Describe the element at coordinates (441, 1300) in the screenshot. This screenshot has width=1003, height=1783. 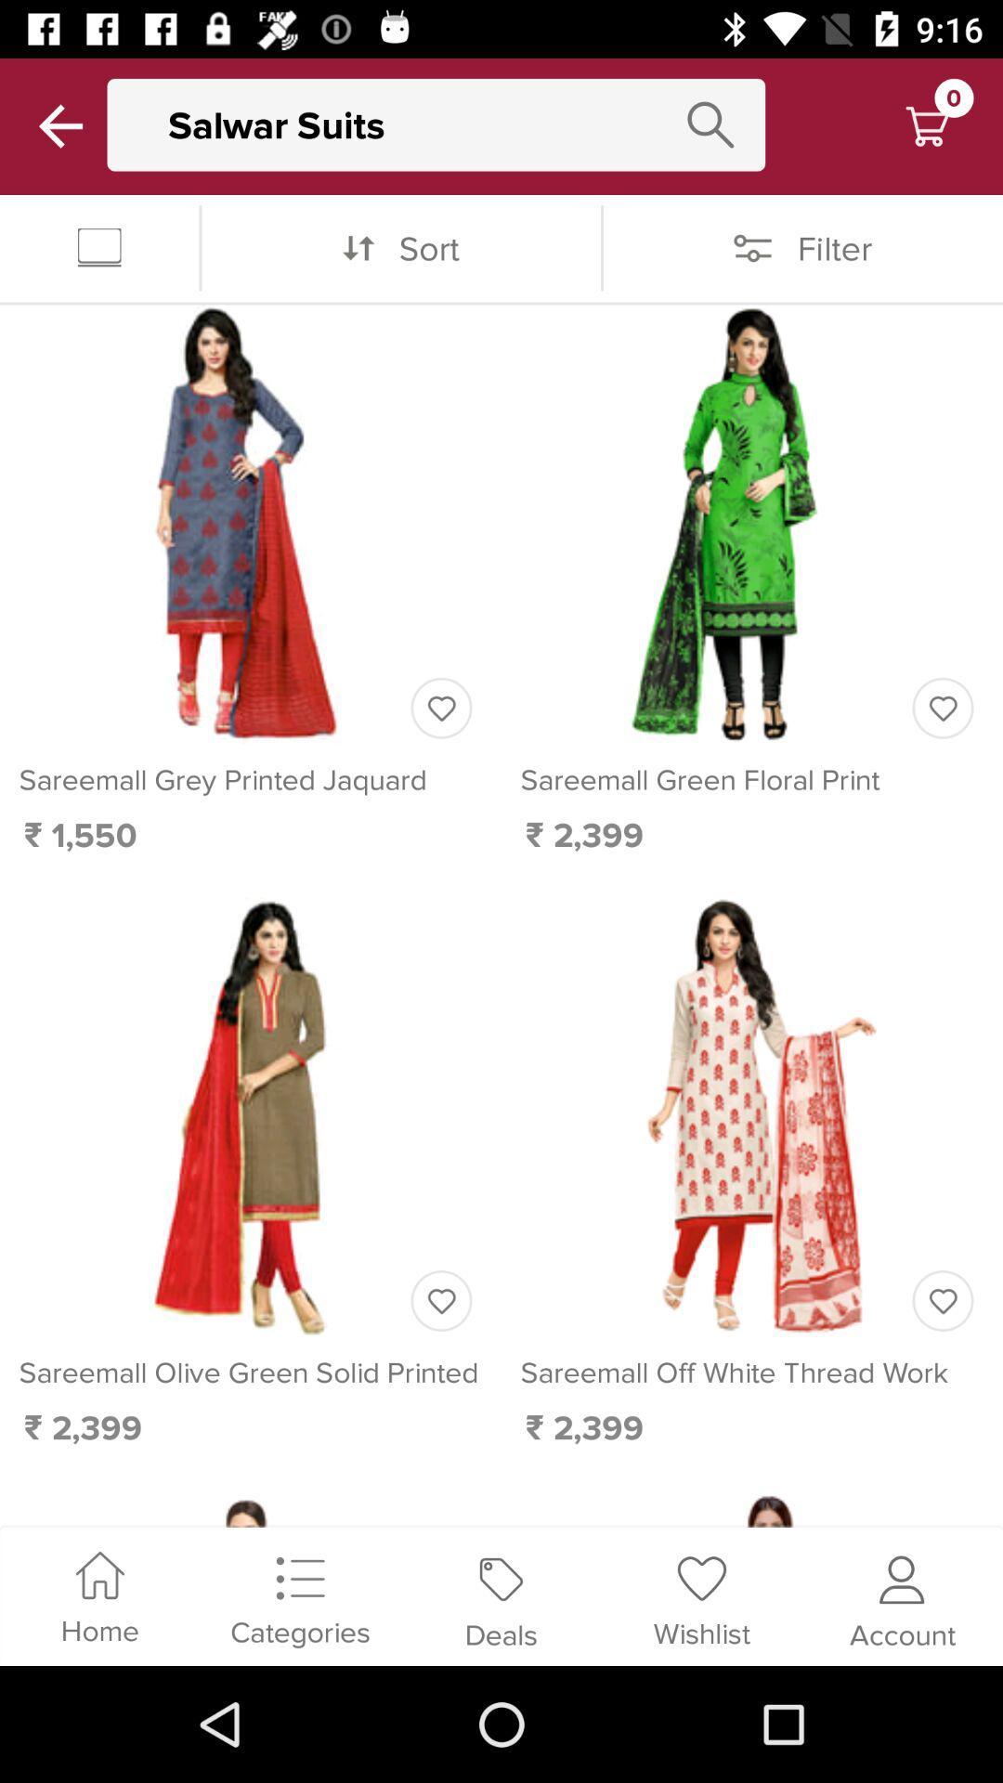
I see `like the product` at that location.